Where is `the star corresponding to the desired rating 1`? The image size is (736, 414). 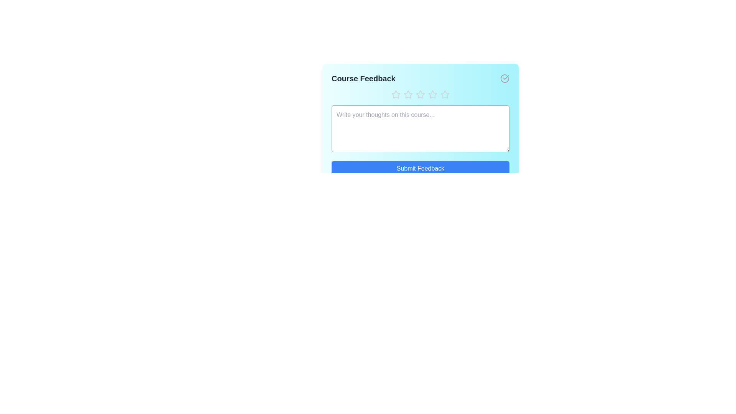 the star corresponding to the desired rating 1 is located at coordinates (396, 94).